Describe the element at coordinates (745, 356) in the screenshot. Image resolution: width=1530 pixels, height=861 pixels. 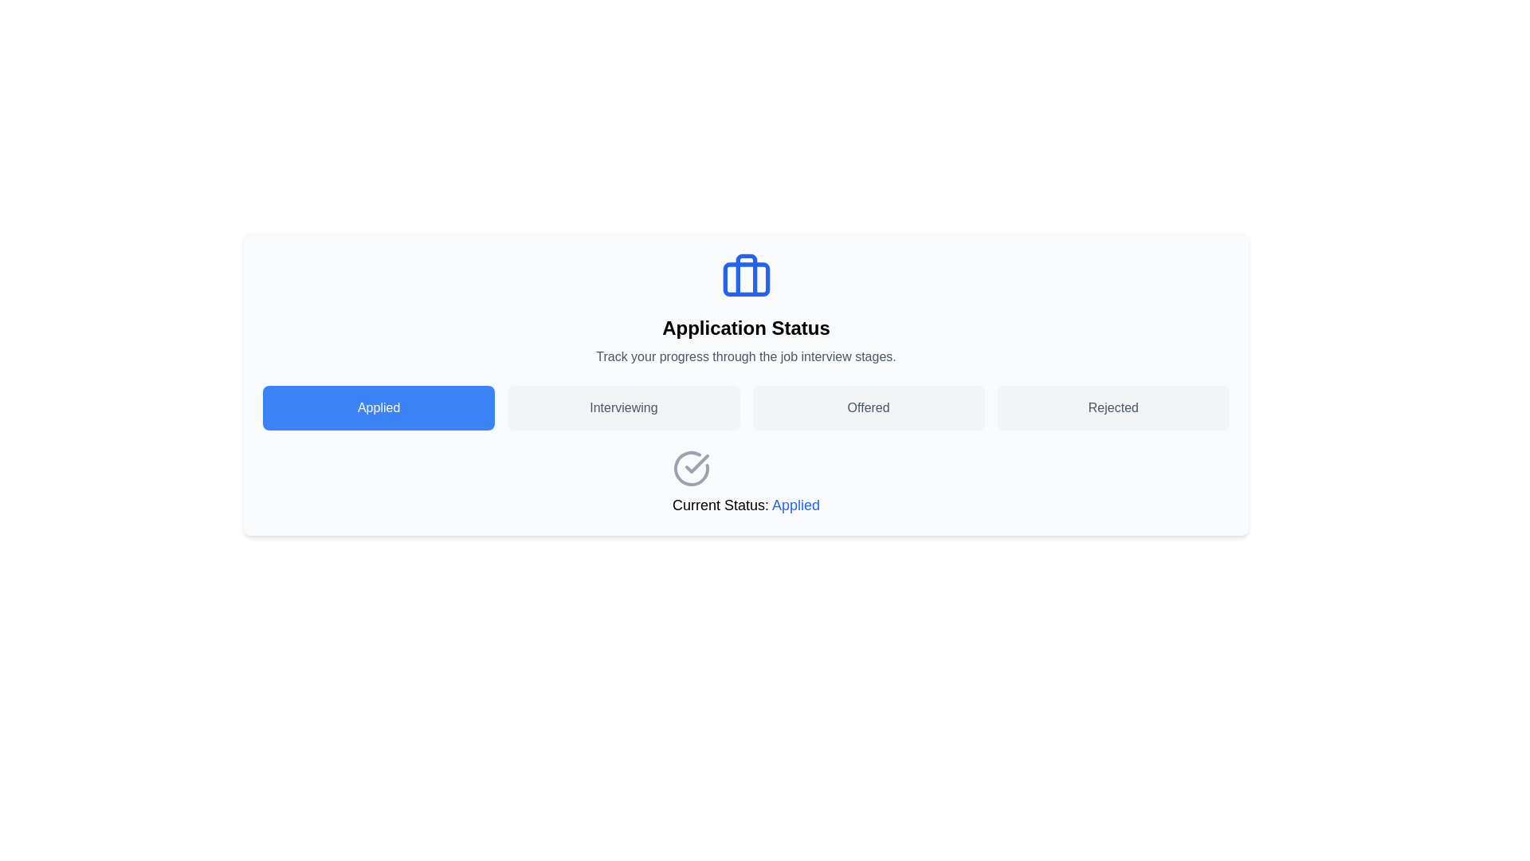
I see `the explanatory text label that provides context about the purpose of the surrounding UI, located immediately after the header text labeled 'Application Status'` at that location.